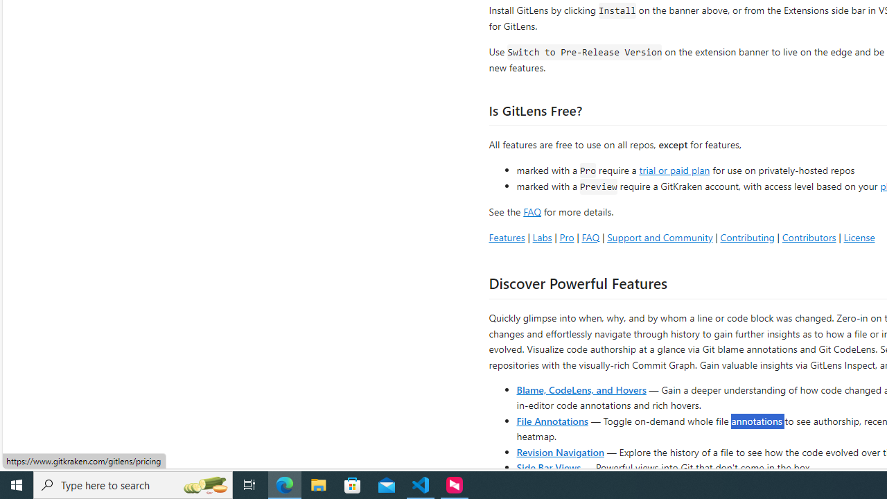 This screenshot has height=499, width=887. What do you see at coordinates (547, 466) in the screenshot?
I see `'Side Bar Views'` at bounding box center [547, 466].